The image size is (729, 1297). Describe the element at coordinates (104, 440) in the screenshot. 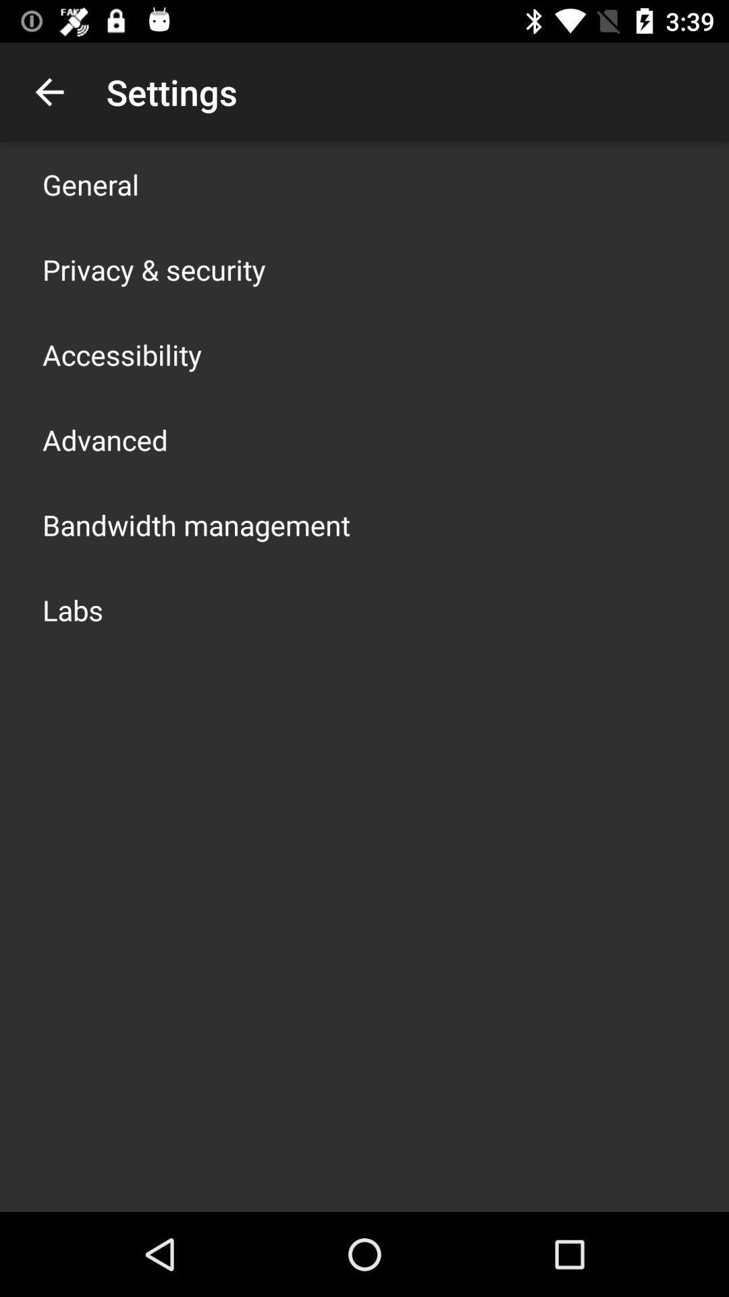

I see `the icon above bandwidth management` at that location.